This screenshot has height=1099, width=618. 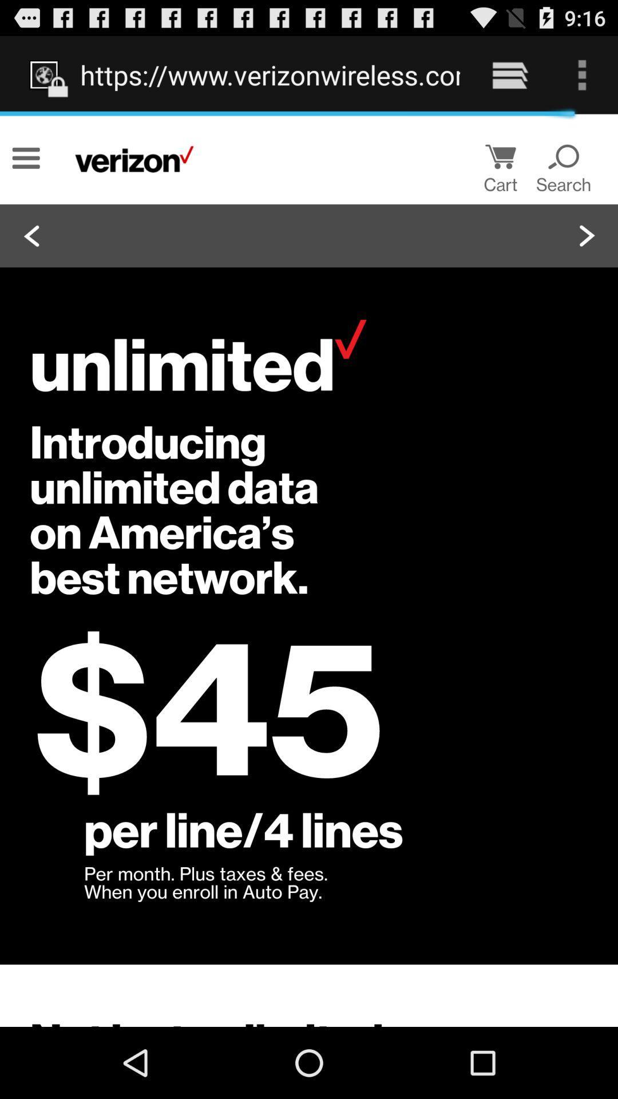 What do you see at coordinates (509, 74) in the screenshot?
I see `the item to the right of the https www verizonwireless` at bounding box center [509, 74].